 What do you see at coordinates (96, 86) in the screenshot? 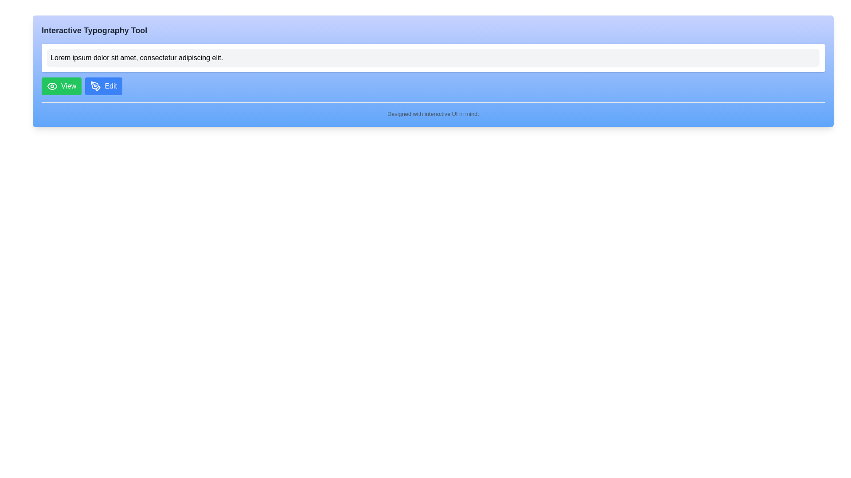
I see `the pen icon embedded within the 'Edit' button, which is the second button in a horizontal row in the lower section of the interactive UI panel` at bounding box center [96, 86].